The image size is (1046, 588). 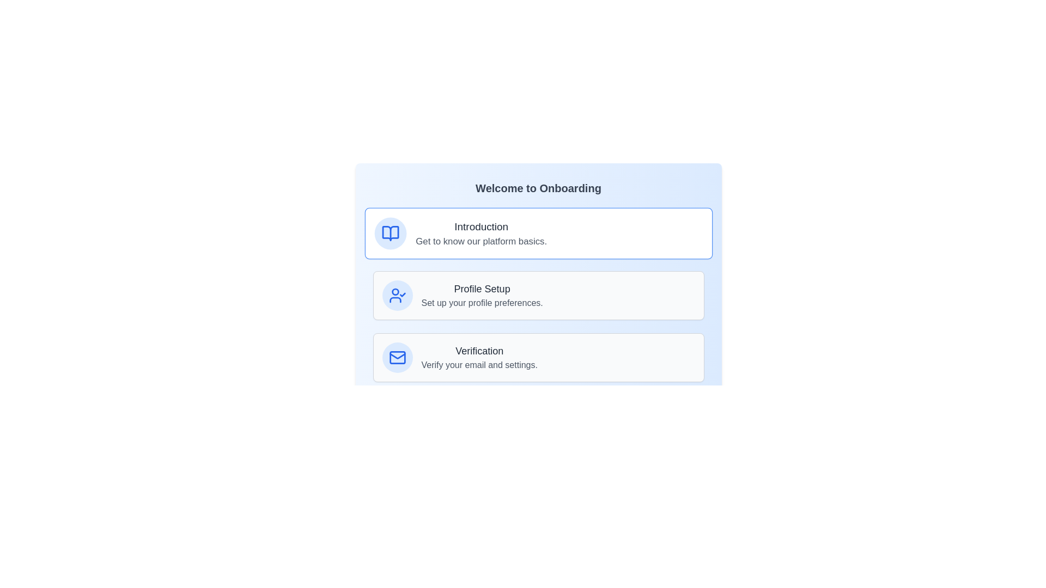 I want to click on subtext description that says 'Get to know our platform basics.' located below the heading 'Introduction' in the onboarding card, so click(x=481, y=241).